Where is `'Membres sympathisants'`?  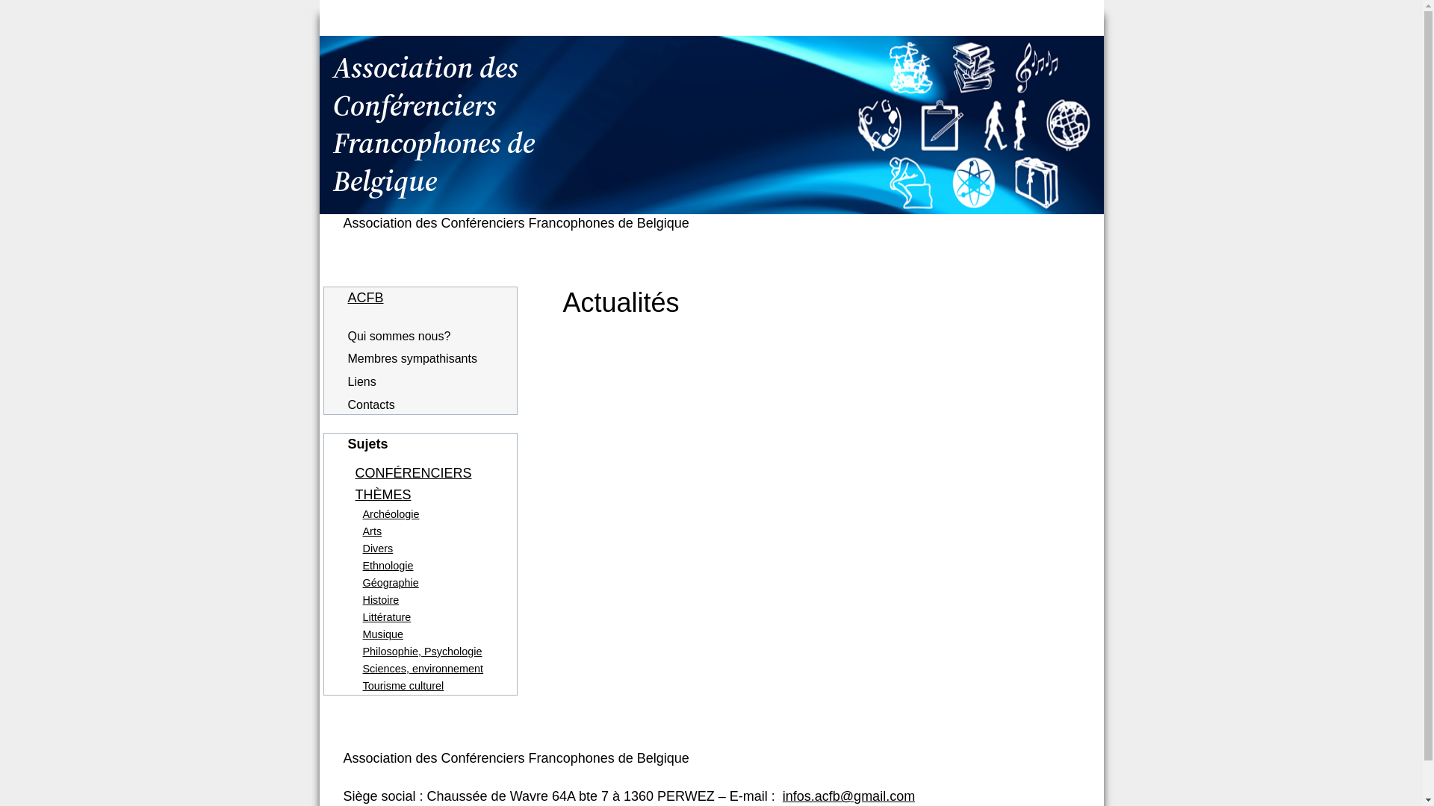 'Membres sympathisants' is located at coordinates (347, 359).